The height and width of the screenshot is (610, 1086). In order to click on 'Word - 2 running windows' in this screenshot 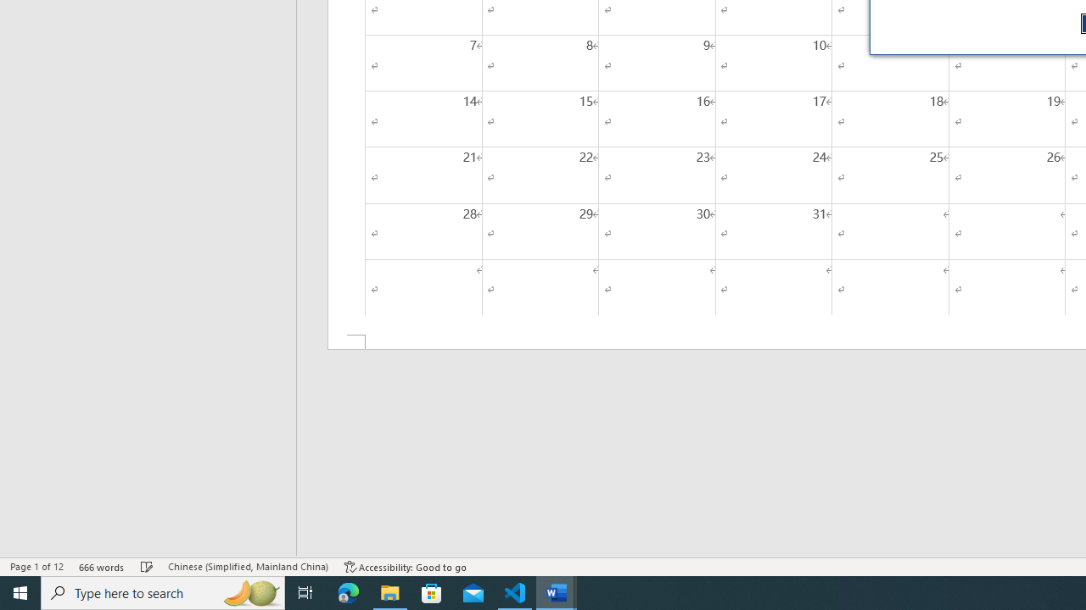, I will do `click(557, 591)`.